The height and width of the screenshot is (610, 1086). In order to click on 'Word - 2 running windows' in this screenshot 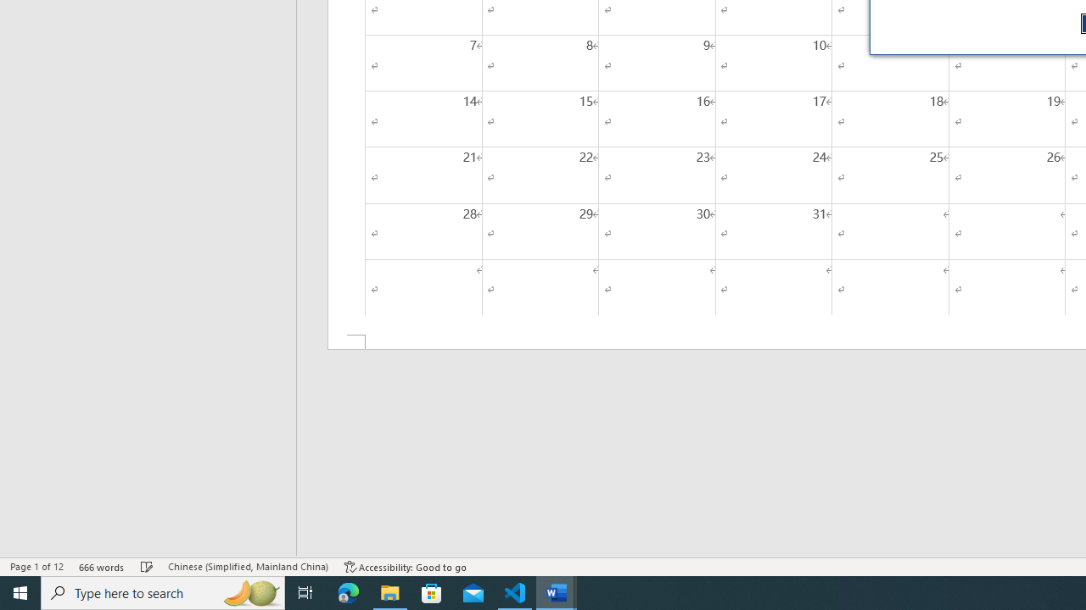, I will do `click(557, 591)`.